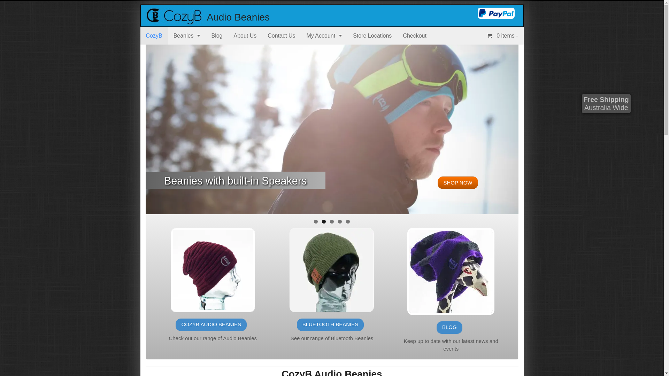 This screenshot has width=669, height=376. I want to click on 'Blog', so click(216, 36).